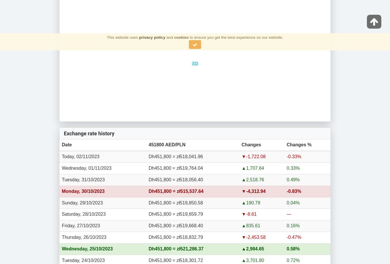  I want to click on '0.04%', so click(286, 202).